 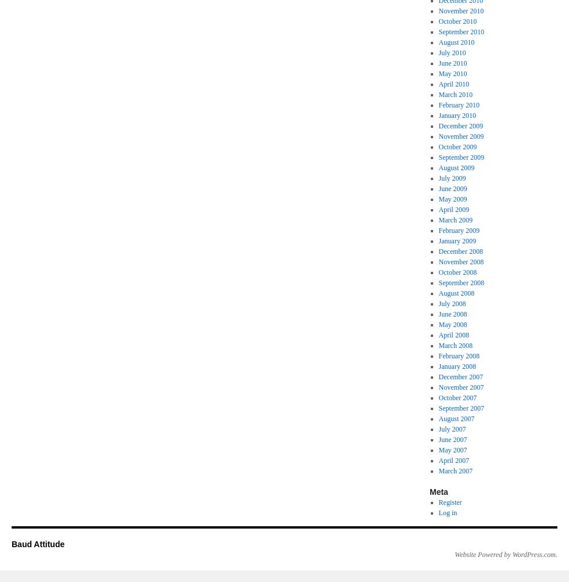 What do you see at coordinates (456, 419) in the screenshot?
I see `'August 2007'` at bounding box center [456, 419].